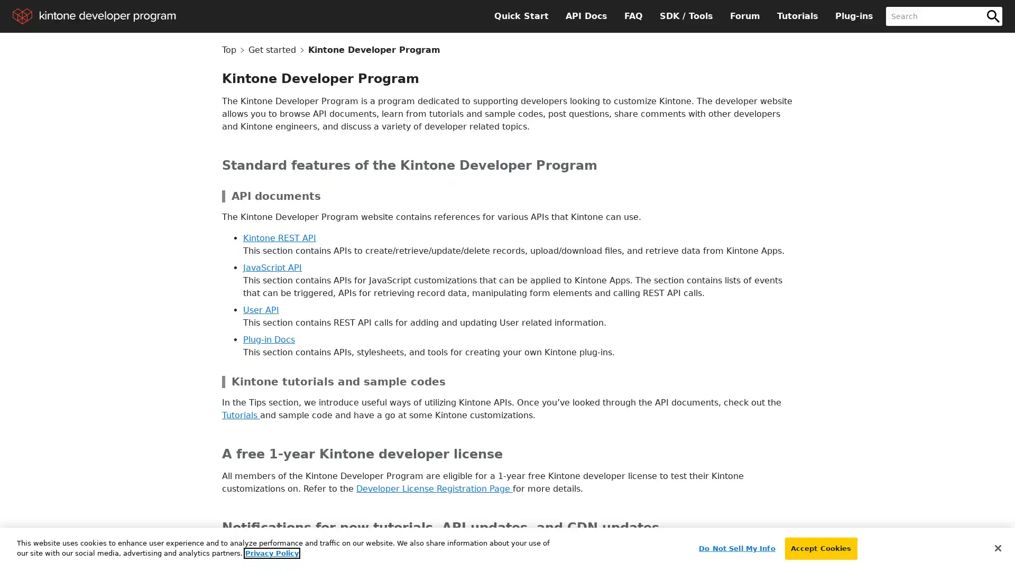 The height and width of the screenshot is (571, 1015). Describe the element at coordinates (997, 547) in the screenshot. I see `Close` at that location.